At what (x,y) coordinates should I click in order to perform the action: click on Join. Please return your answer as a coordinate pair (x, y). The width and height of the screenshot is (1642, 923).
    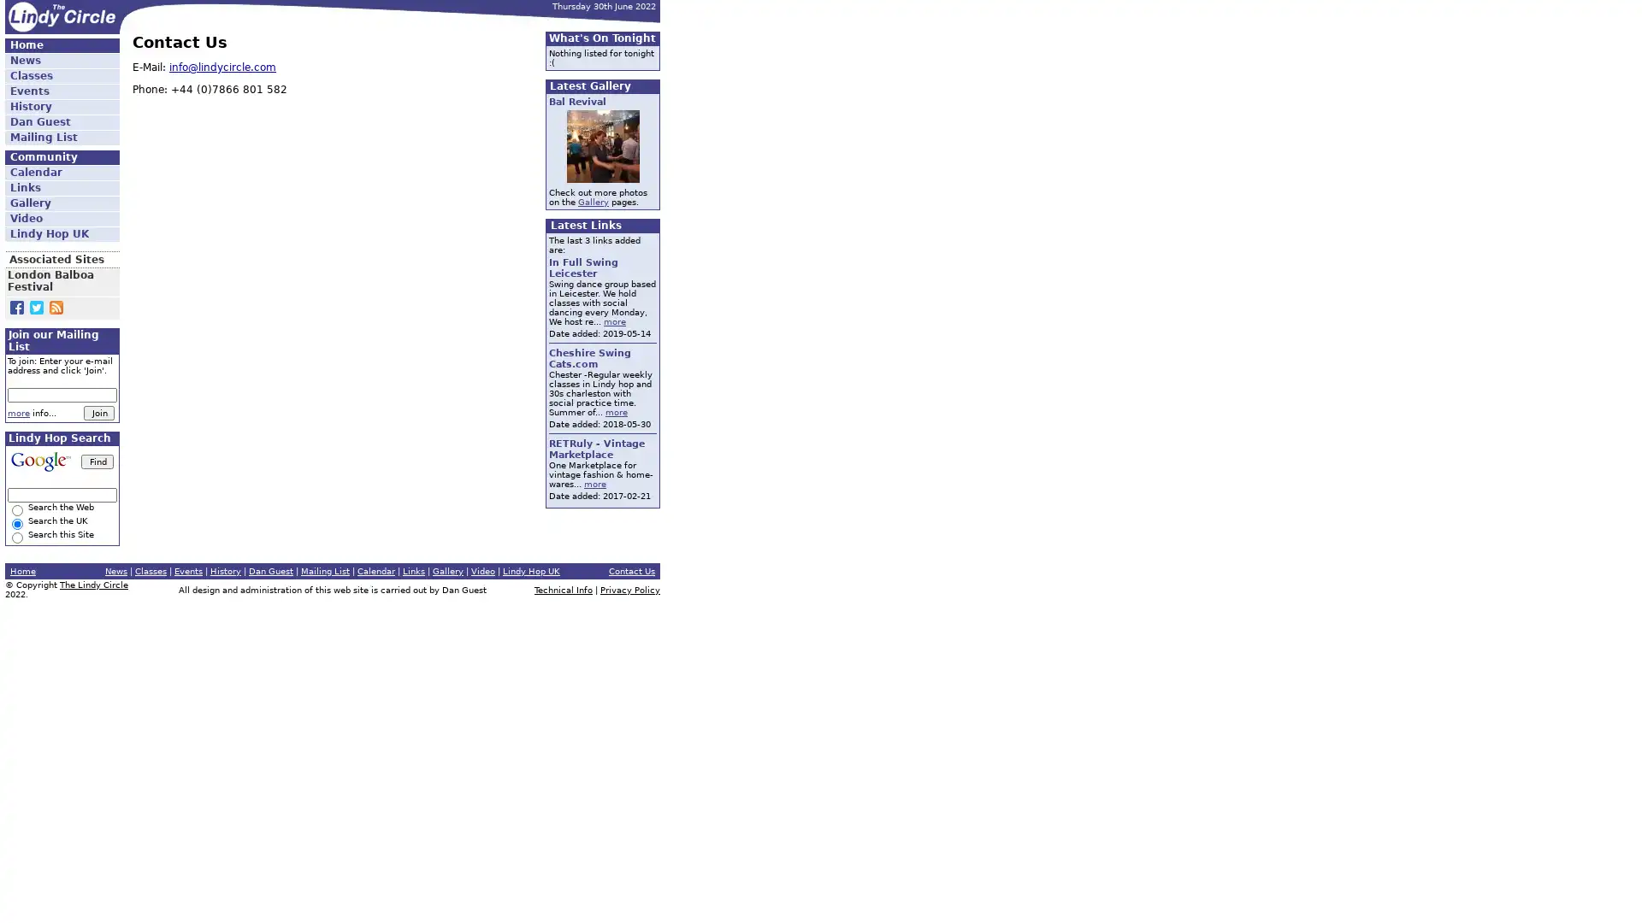
    Looking at the image, I should click on (97, 413).